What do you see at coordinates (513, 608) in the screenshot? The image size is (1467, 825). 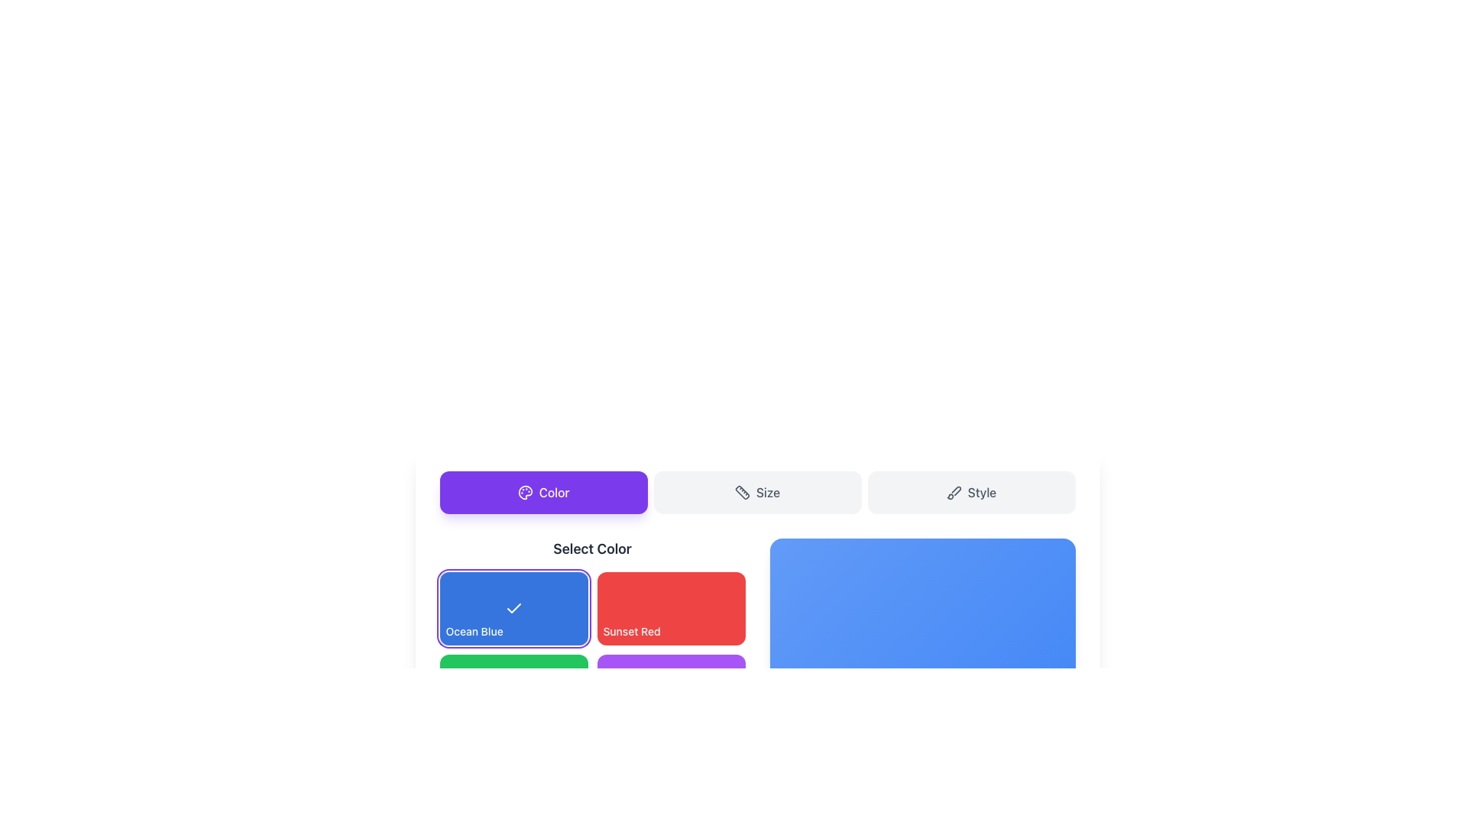 I see `the Selectable color card labeled 'Ocean Blue'` at bounding box center [513, 608].